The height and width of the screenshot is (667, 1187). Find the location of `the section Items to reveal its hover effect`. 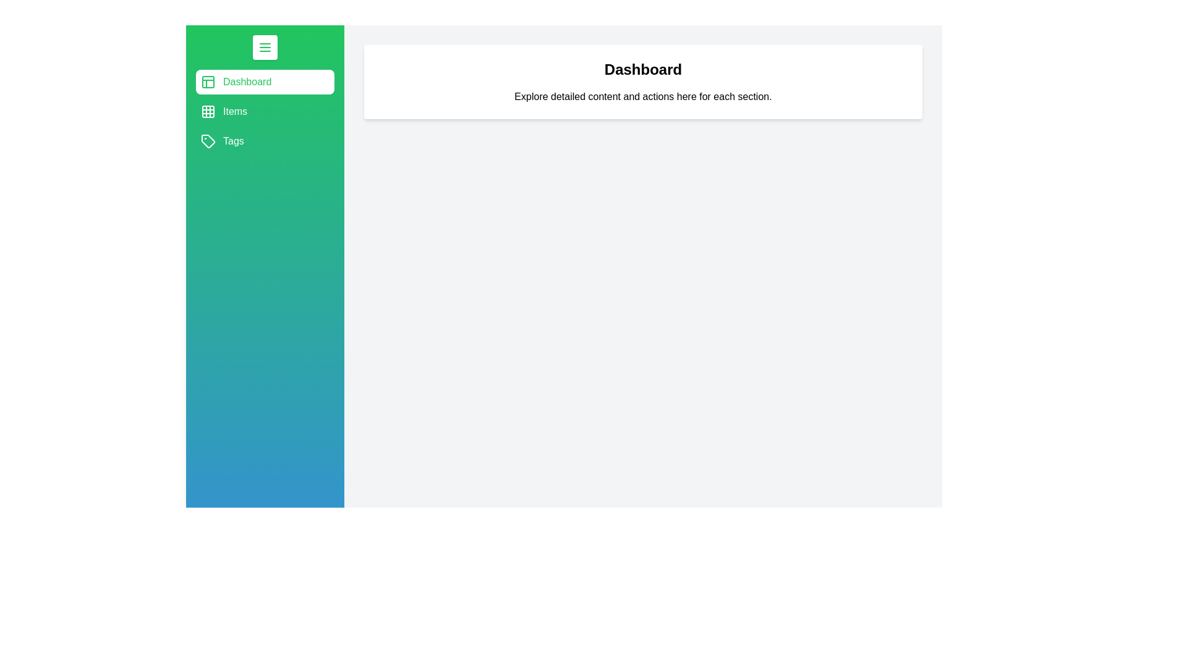

the section Items to reveal its hover effect is located at coordinates (264, 112).